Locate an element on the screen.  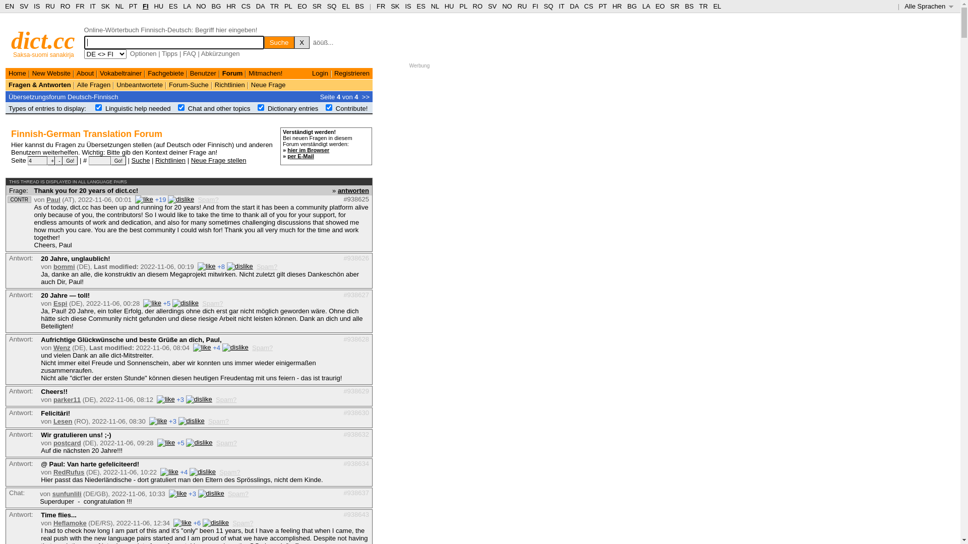
'HU' is located at coordinates (449, 6).